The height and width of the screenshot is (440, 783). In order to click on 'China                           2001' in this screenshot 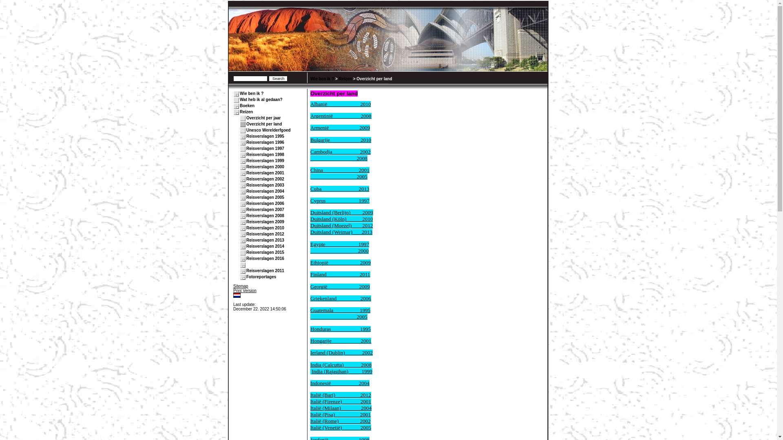, I will do `click(340, 169)`.